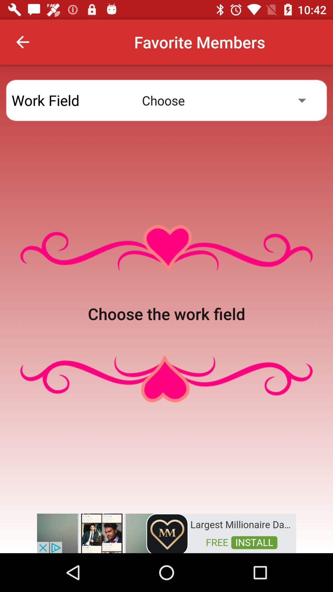 The image size is (333, 592). Describe the element at coordinates (166, 532) in the screenshot. I see `advertisement for millionaire dating site` at that location.